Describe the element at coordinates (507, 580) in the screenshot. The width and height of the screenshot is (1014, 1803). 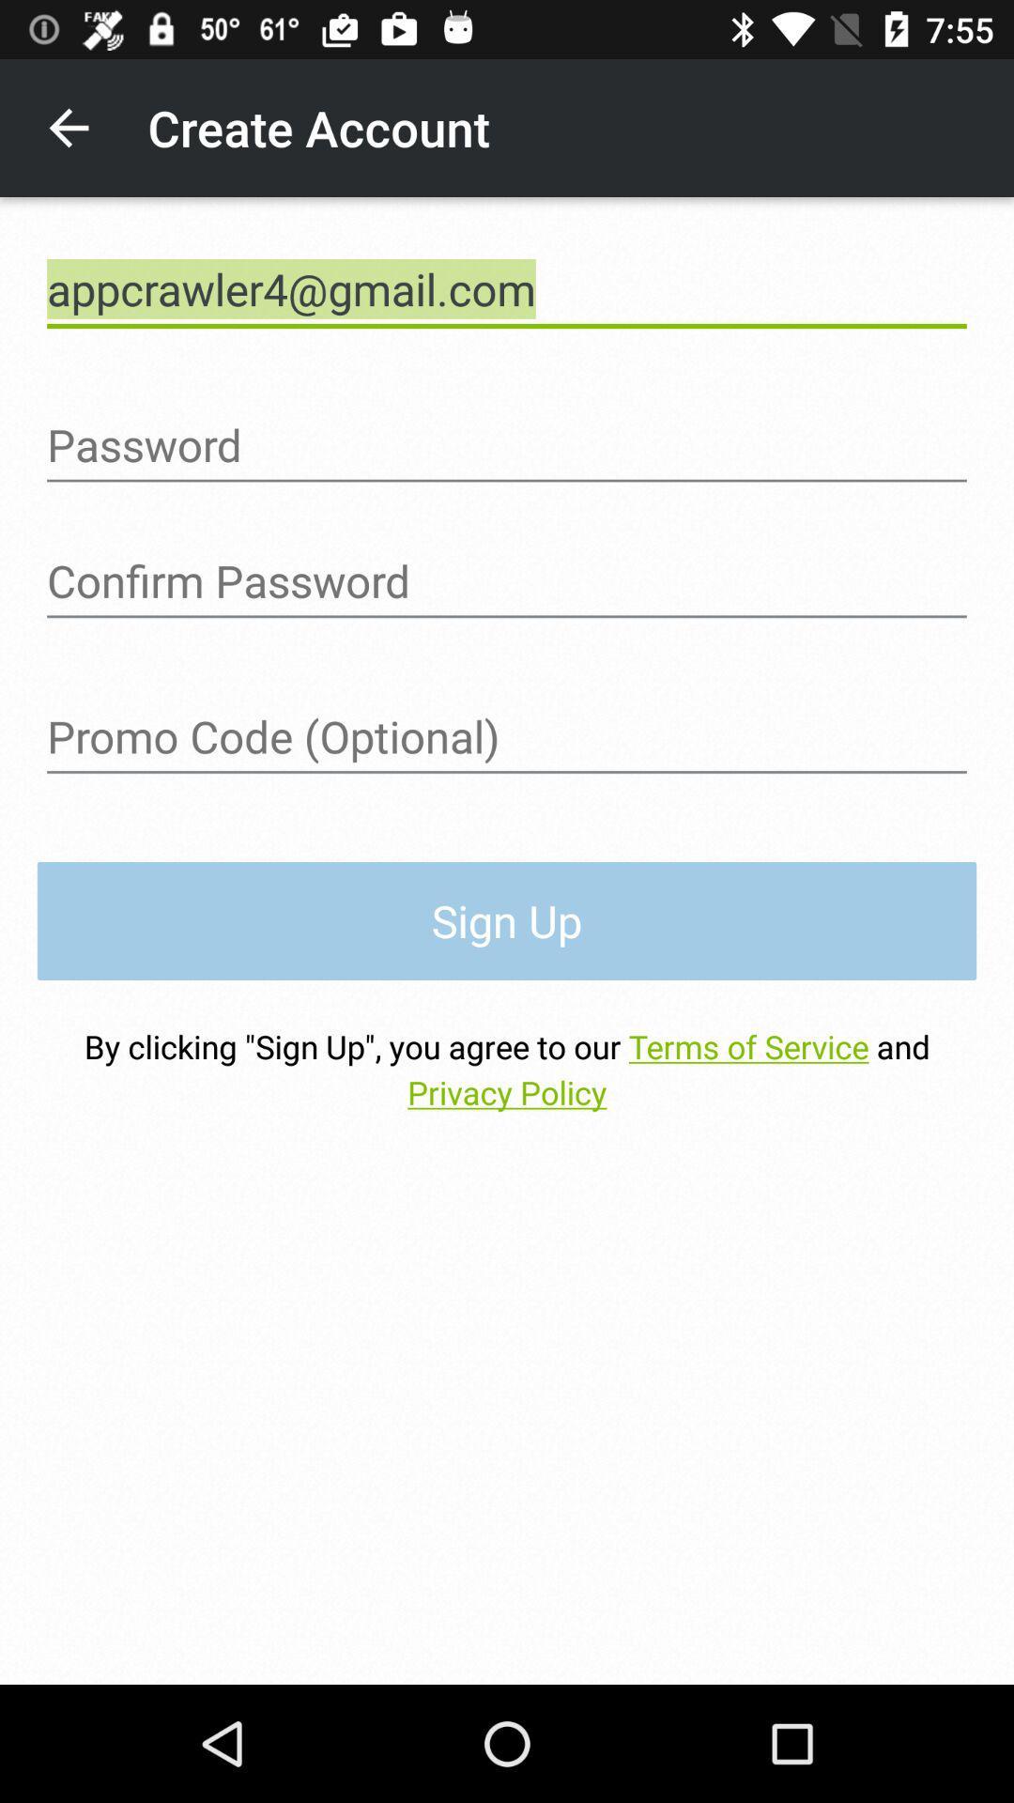
I see `password confirmation` at that location.